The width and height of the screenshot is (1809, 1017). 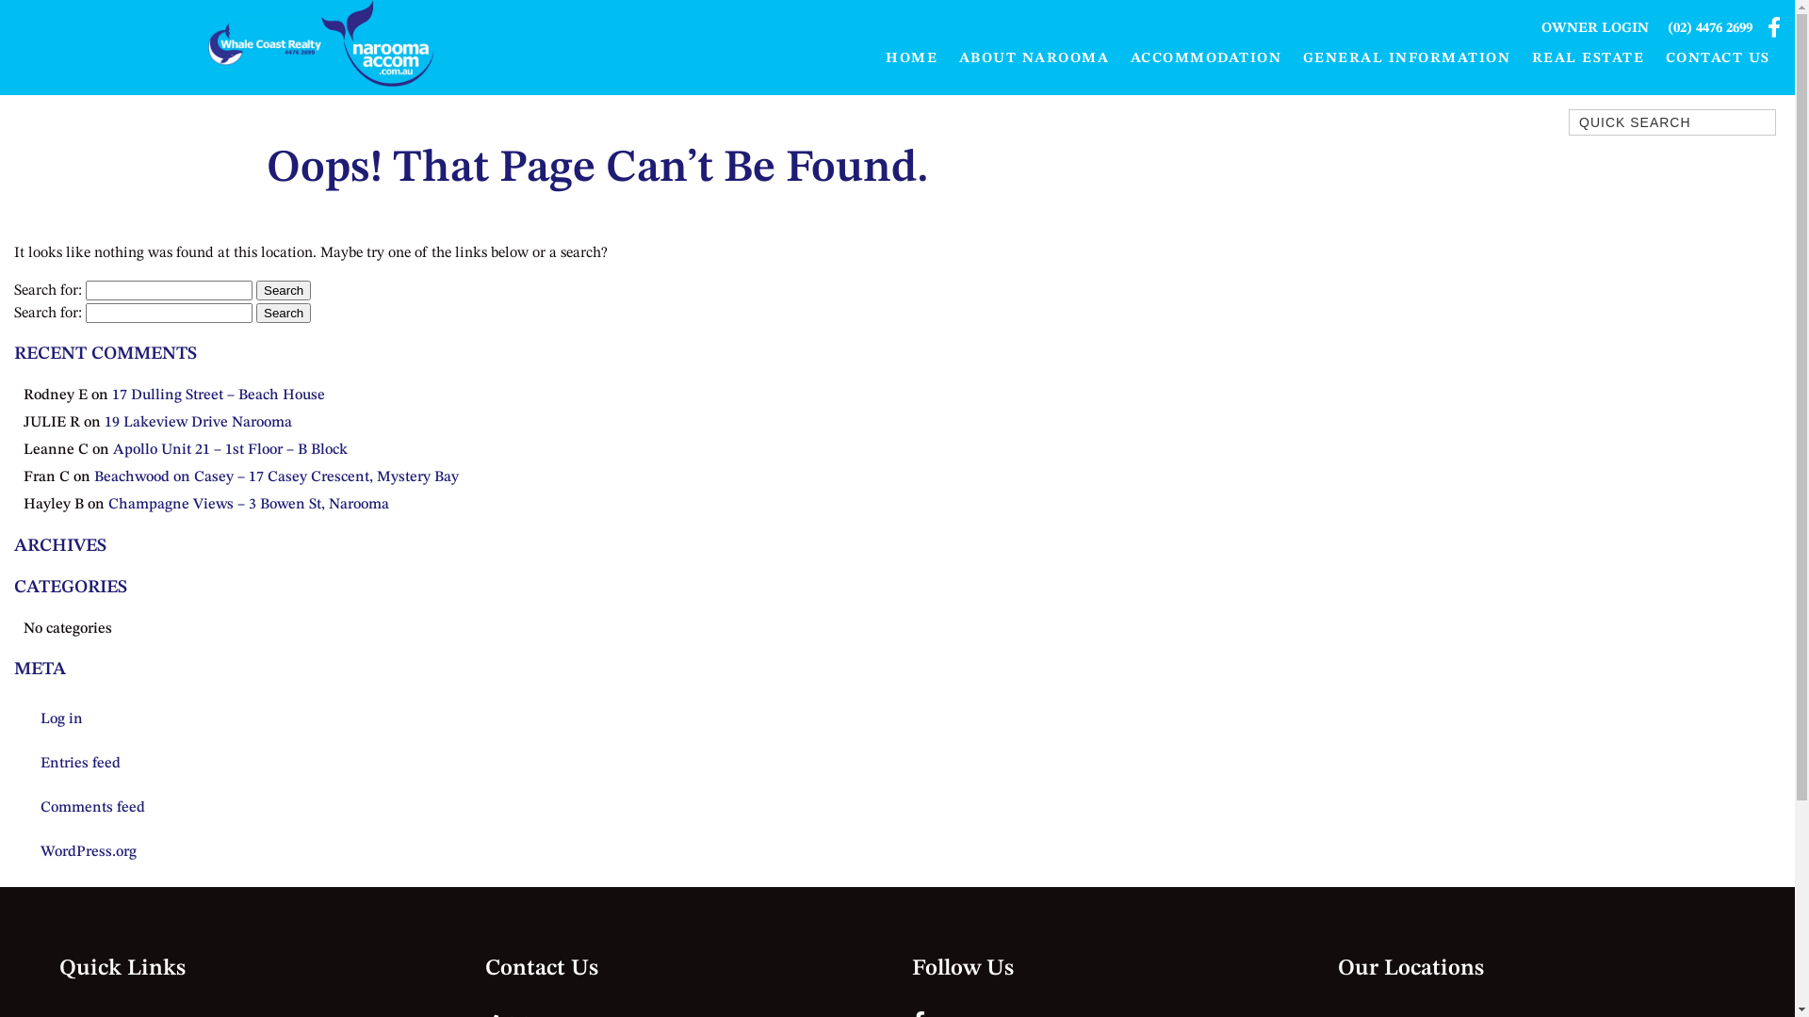 I want to click on 'ACCOMMODATION', so click(x=1204, y=57).